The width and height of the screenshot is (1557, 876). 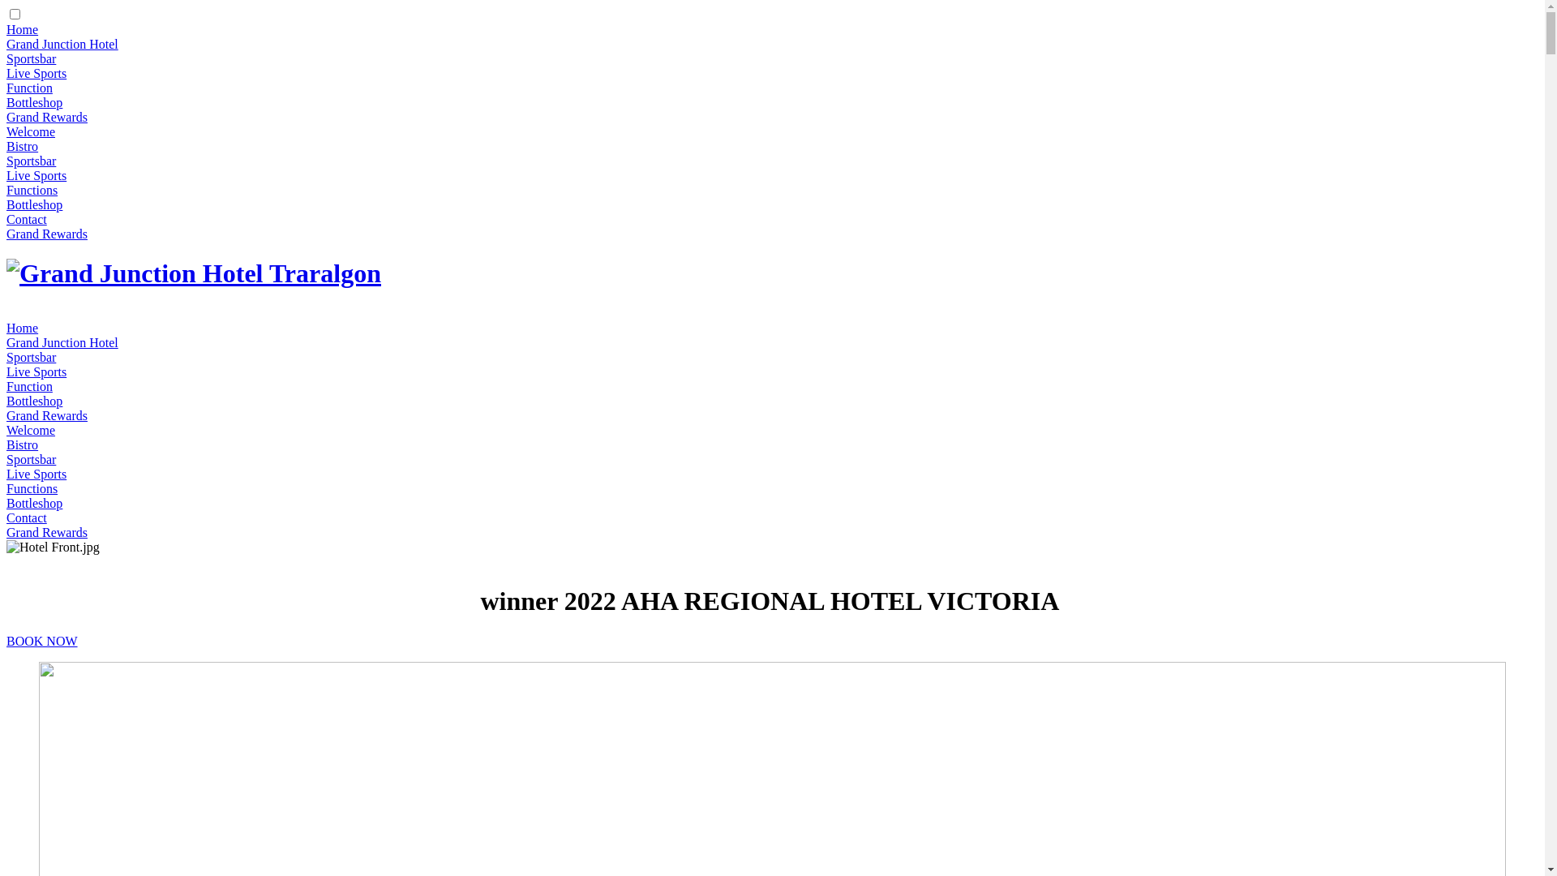 What do you see at coordinates (36, 73) in the screenshot?
I see `'Live Sports'` at bounding box center [36, 73].